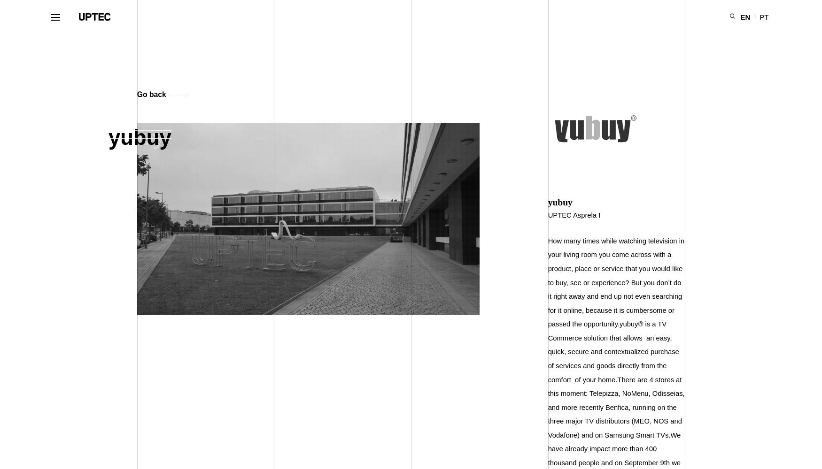 Image resolution: width=822 pixels, height=469 pixels. Describe the element at coordinates (179, 445) in the screenshot. I see `'Offering'` at that location.